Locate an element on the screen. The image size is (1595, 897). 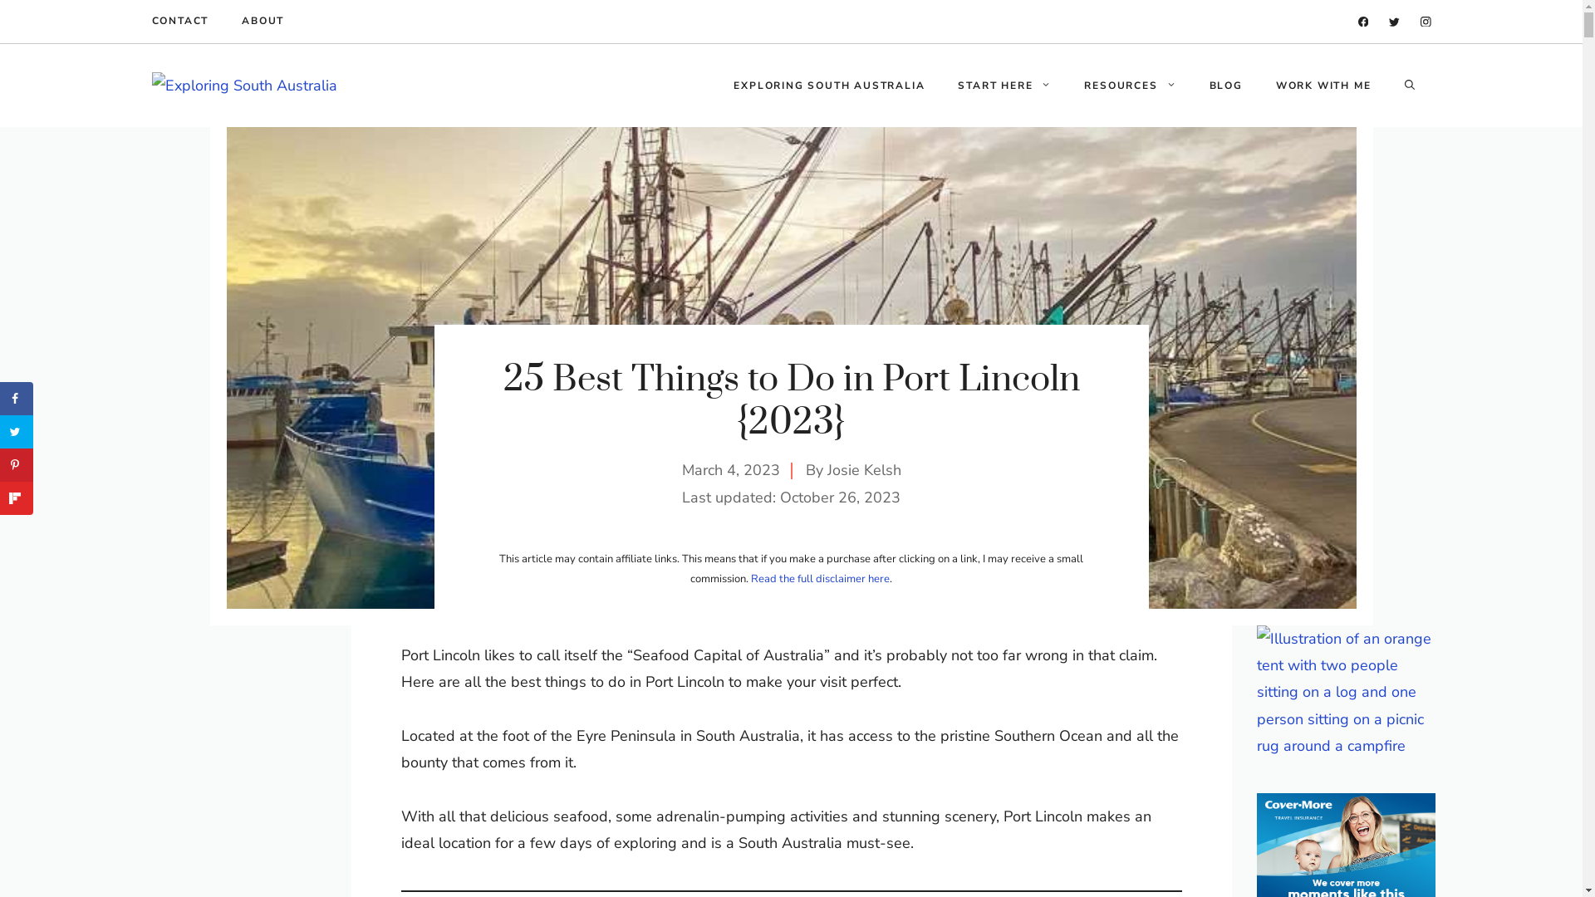
'Josie Kelsh' is located at coordinates (864, 470).